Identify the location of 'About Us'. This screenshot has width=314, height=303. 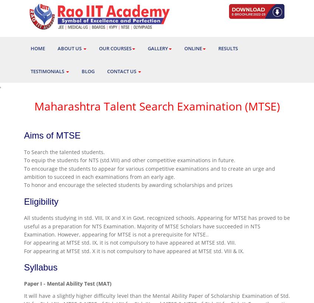
(69, 48).